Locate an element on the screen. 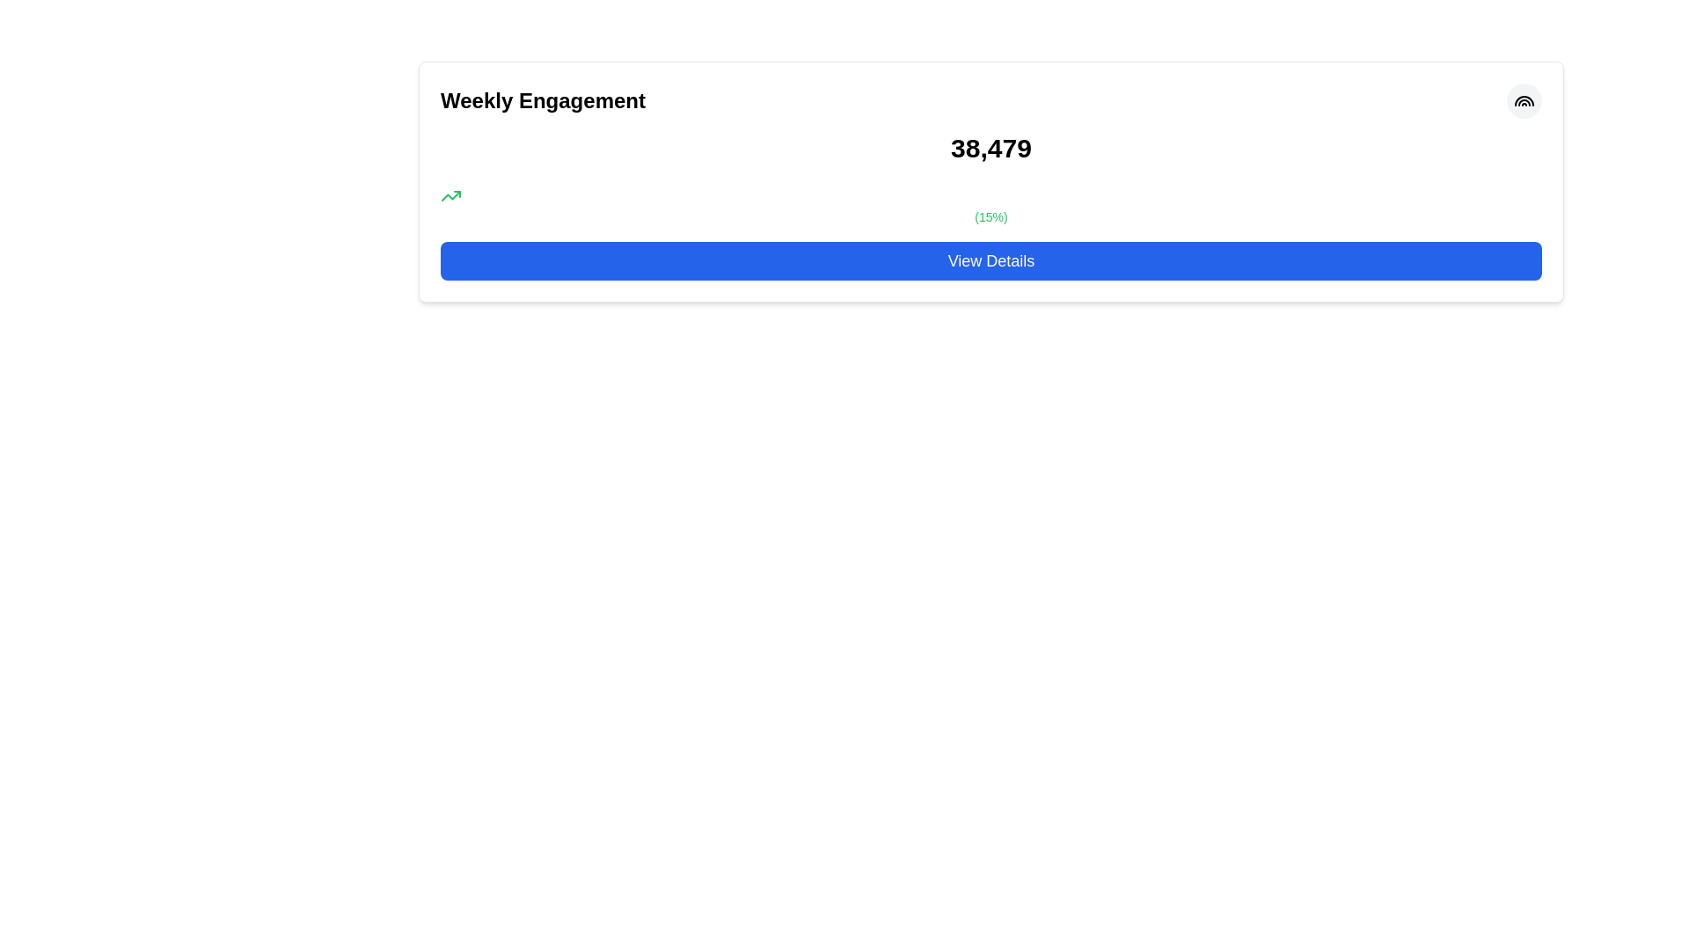  the Text Label displaying '(15%)' in green color, which is located immediately after the numerical text '38,479' is located at coordinates (991, 203).